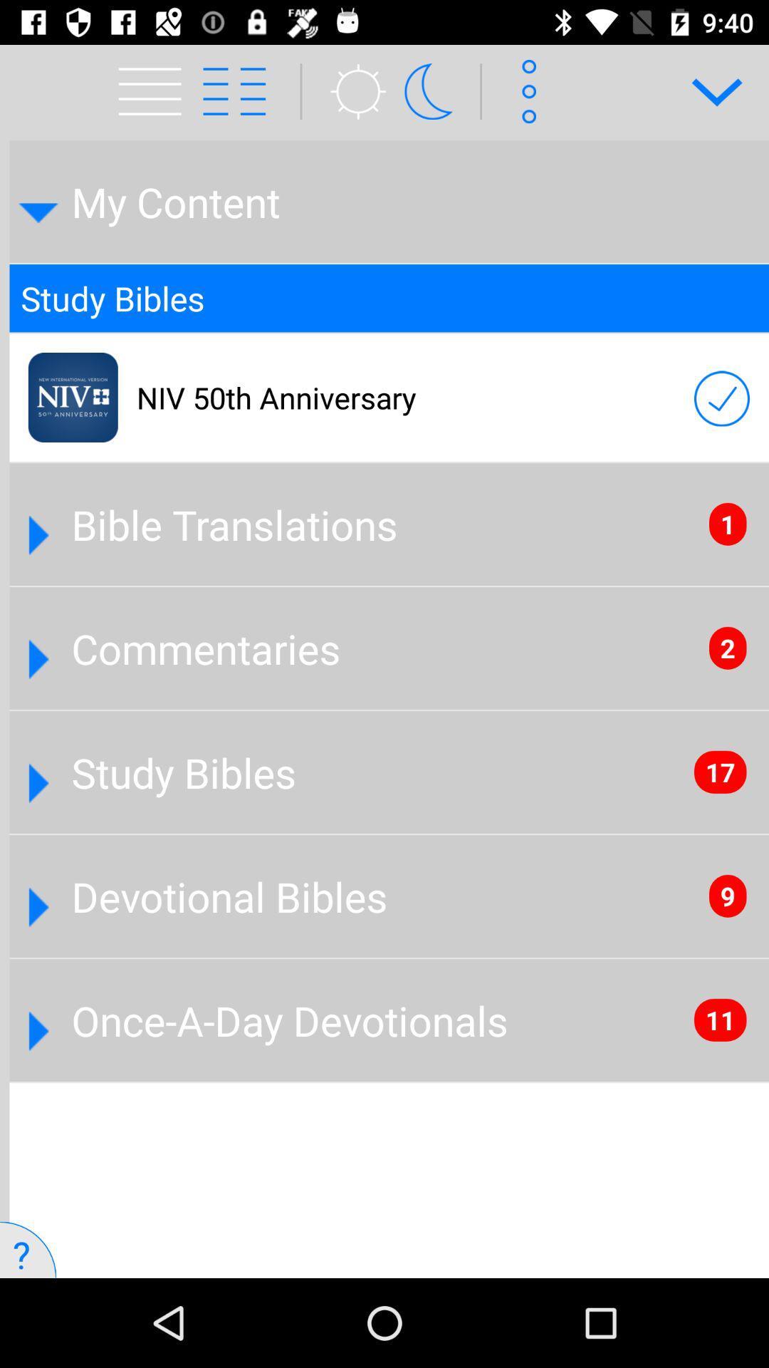  What do you see at coordinates (524, 90) in the screenshot?
I see `the more icon` at bounding box center [524, 90].